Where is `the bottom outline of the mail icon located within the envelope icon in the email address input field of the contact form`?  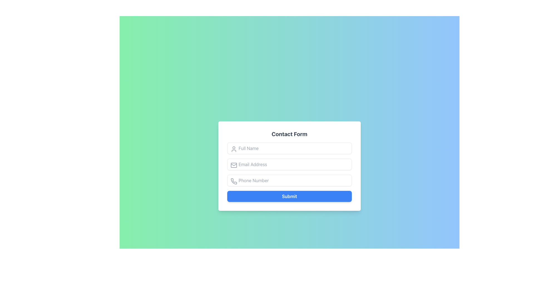 the bottom outline of the mail icon located within the envelope icon in the email address input field of the contact form is located at coordinates (234, 164).